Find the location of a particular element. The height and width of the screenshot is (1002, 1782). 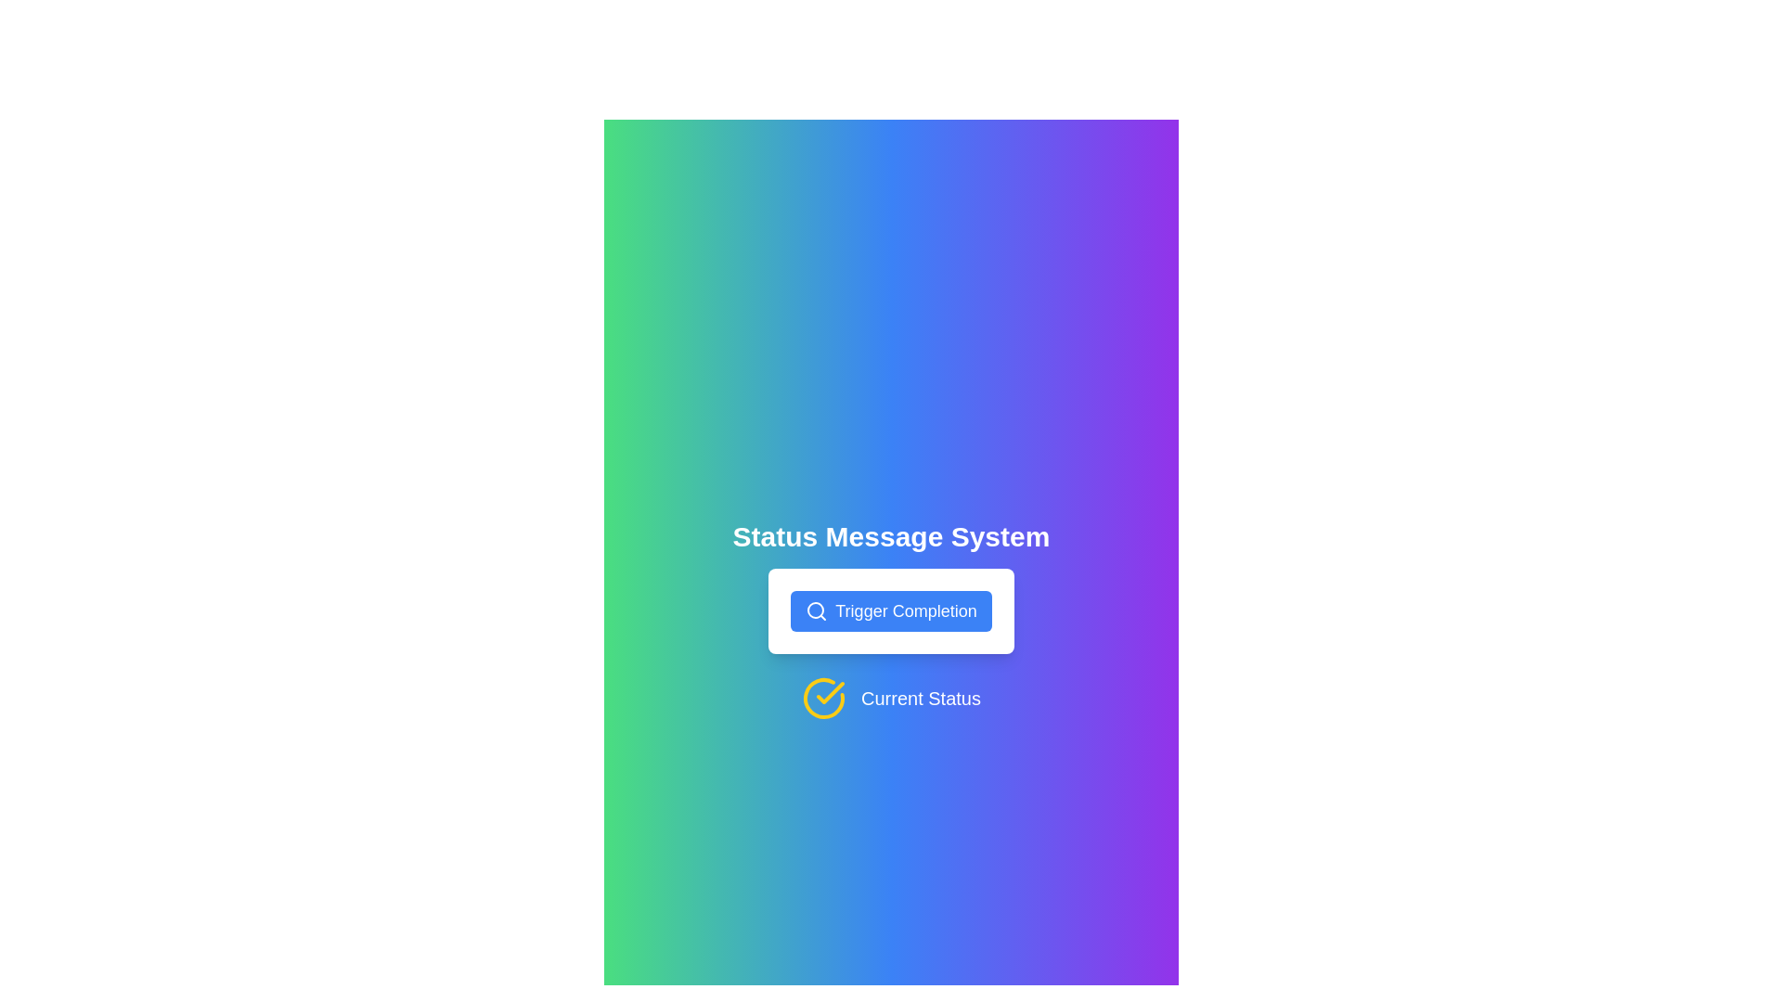

the blue rectangular button with rounded corners that reads 'Trigger Completion' to observe the hover effects is located at coordinates (891, 611).